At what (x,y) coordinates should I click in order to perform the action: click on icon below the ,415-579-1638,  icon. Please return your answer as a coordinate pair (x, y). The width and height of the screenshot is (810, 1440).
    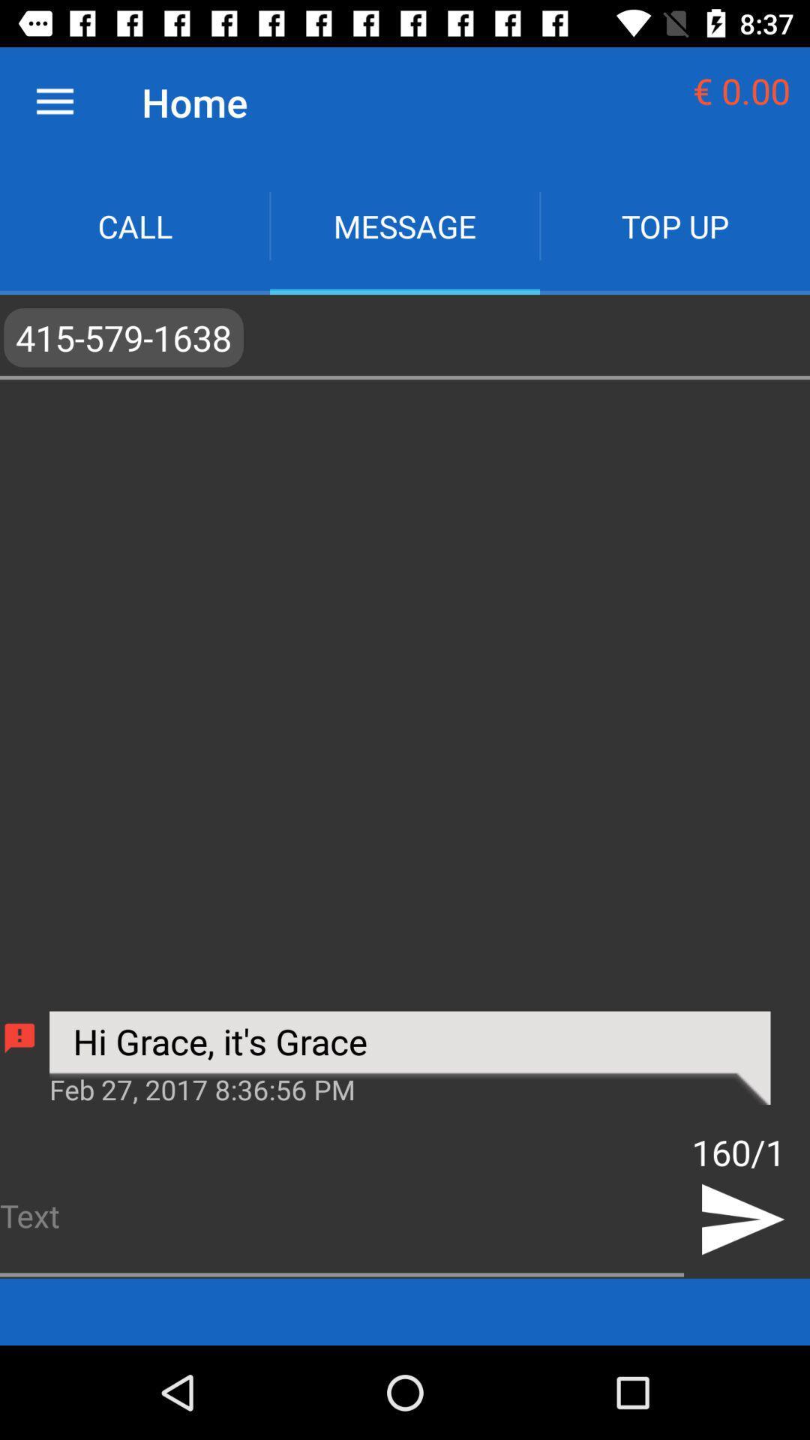
    Looking at the image, I should click on (19, 1037).